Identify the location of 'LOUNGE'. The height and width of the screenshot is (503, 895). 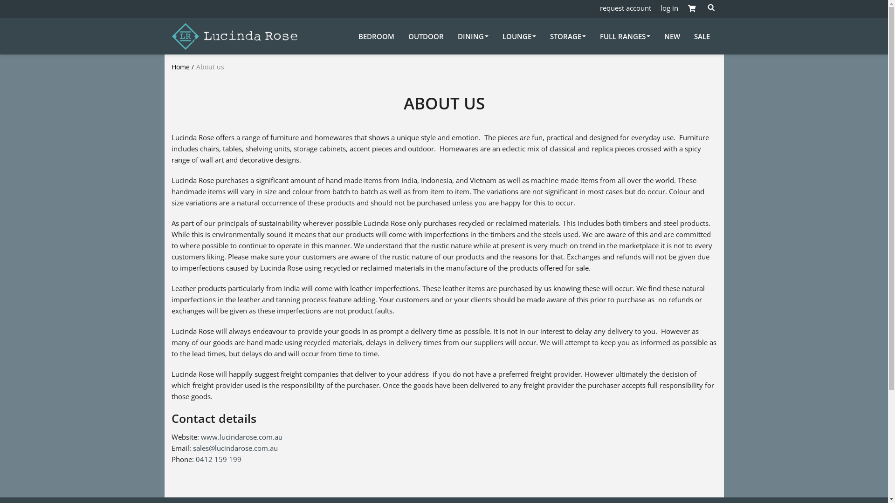
(518, 35).